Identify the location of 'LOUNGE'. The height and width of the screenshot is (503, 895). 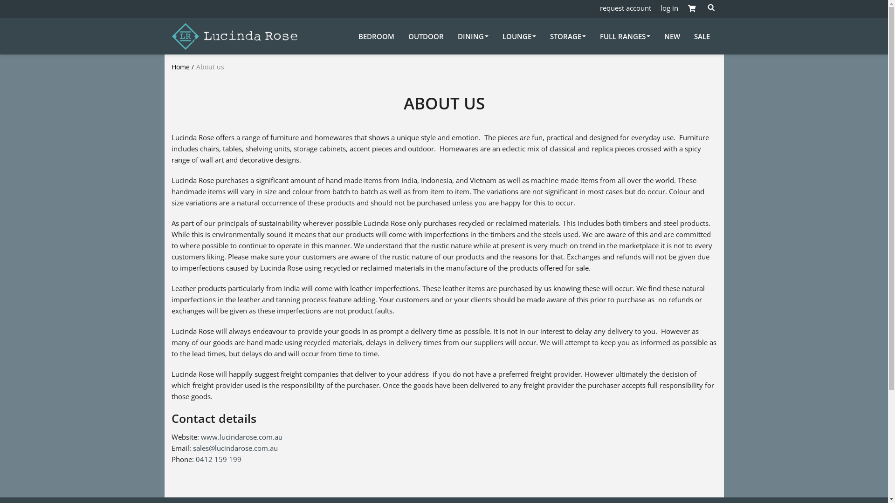
(518, 35).